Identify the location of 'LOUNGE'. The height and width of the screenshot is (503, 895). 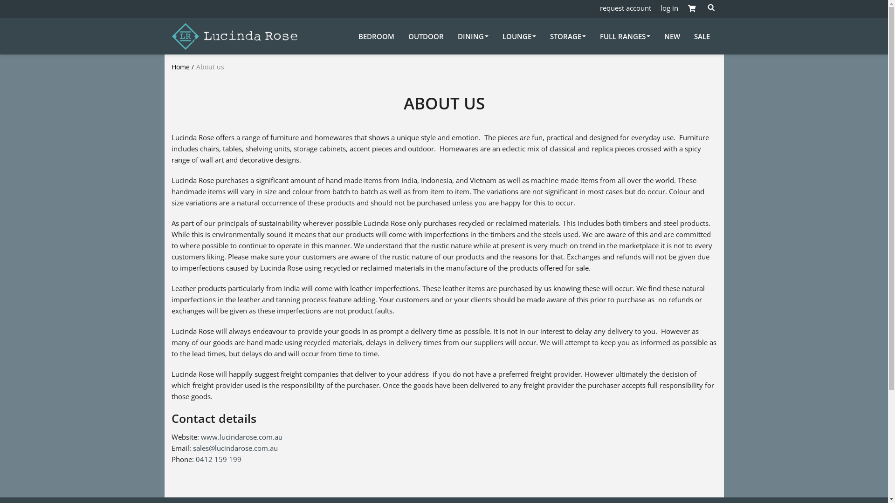
(518, 35).